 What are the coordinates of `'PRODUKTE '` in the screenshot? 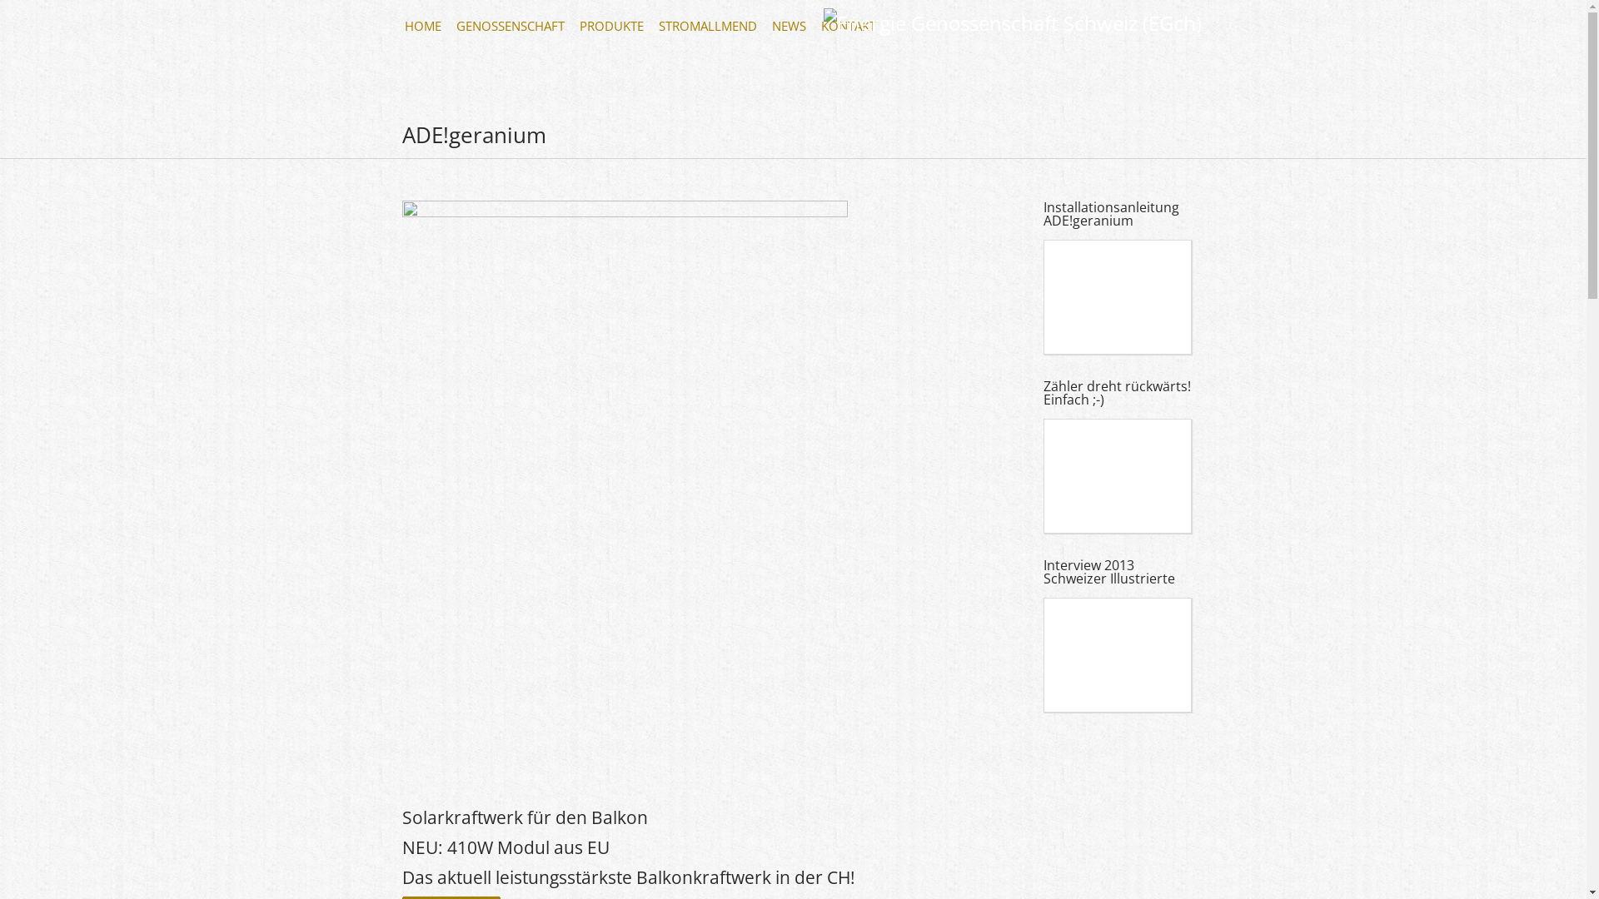 It's located at (610, 21).